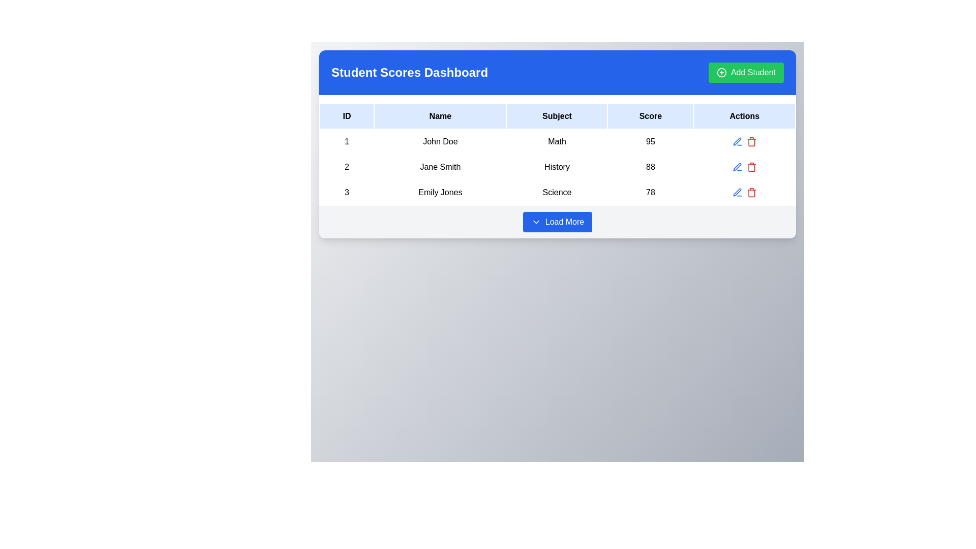 This screenshot has height=549, width=976. What do you see at coordinates (751, 166) in the screenshot?
I see `the delete button in the 'Actions' column of the second row associated with 'Jane Smith / History / 88'` at bounding box center [751, 166].